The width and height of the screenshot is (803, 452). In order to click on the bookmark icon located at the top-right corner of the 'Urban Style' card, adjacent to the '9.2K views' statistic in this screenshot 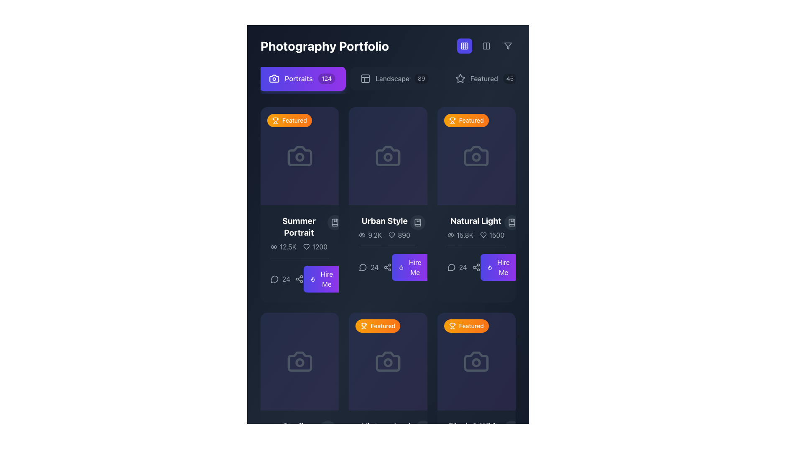, I will do `click(417, 222)`.